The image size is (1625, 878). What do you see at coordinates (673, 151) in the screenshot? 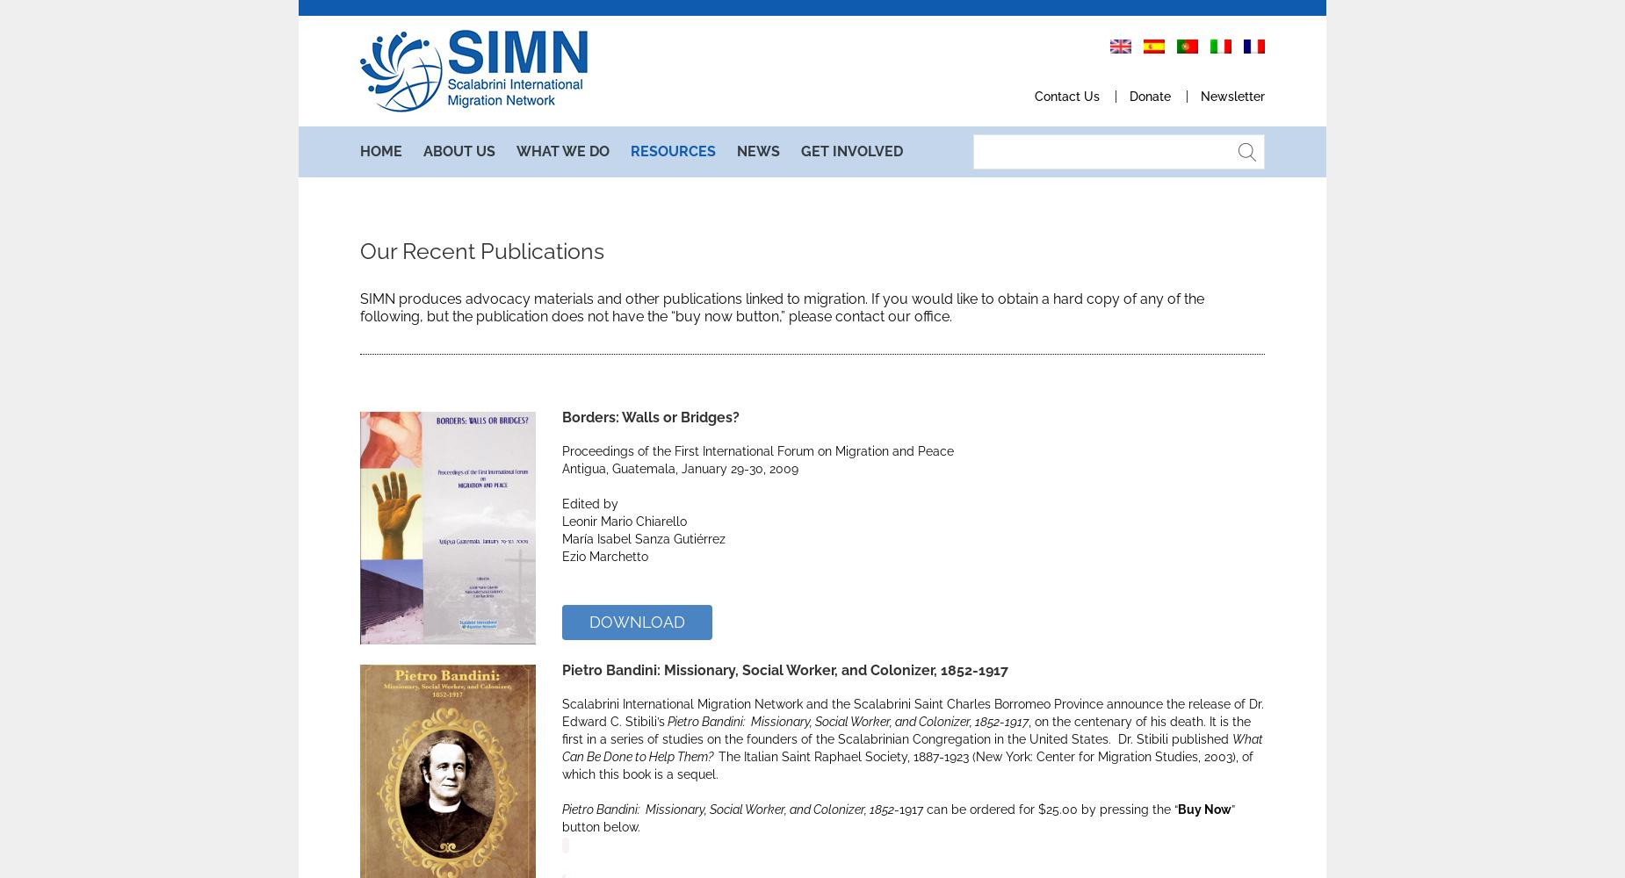
I see `'Resource'` at bounding box center [673, 151].